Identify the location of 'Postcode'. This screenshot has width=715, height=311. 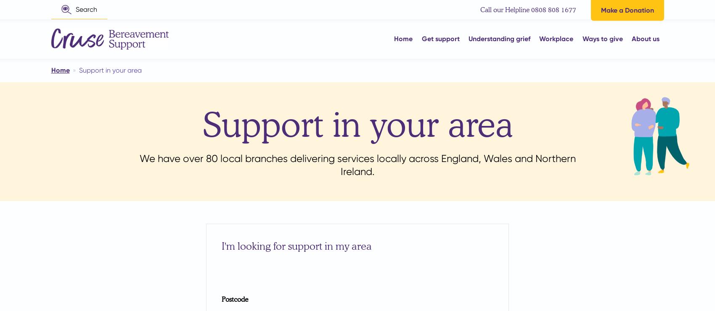
(234, 298).